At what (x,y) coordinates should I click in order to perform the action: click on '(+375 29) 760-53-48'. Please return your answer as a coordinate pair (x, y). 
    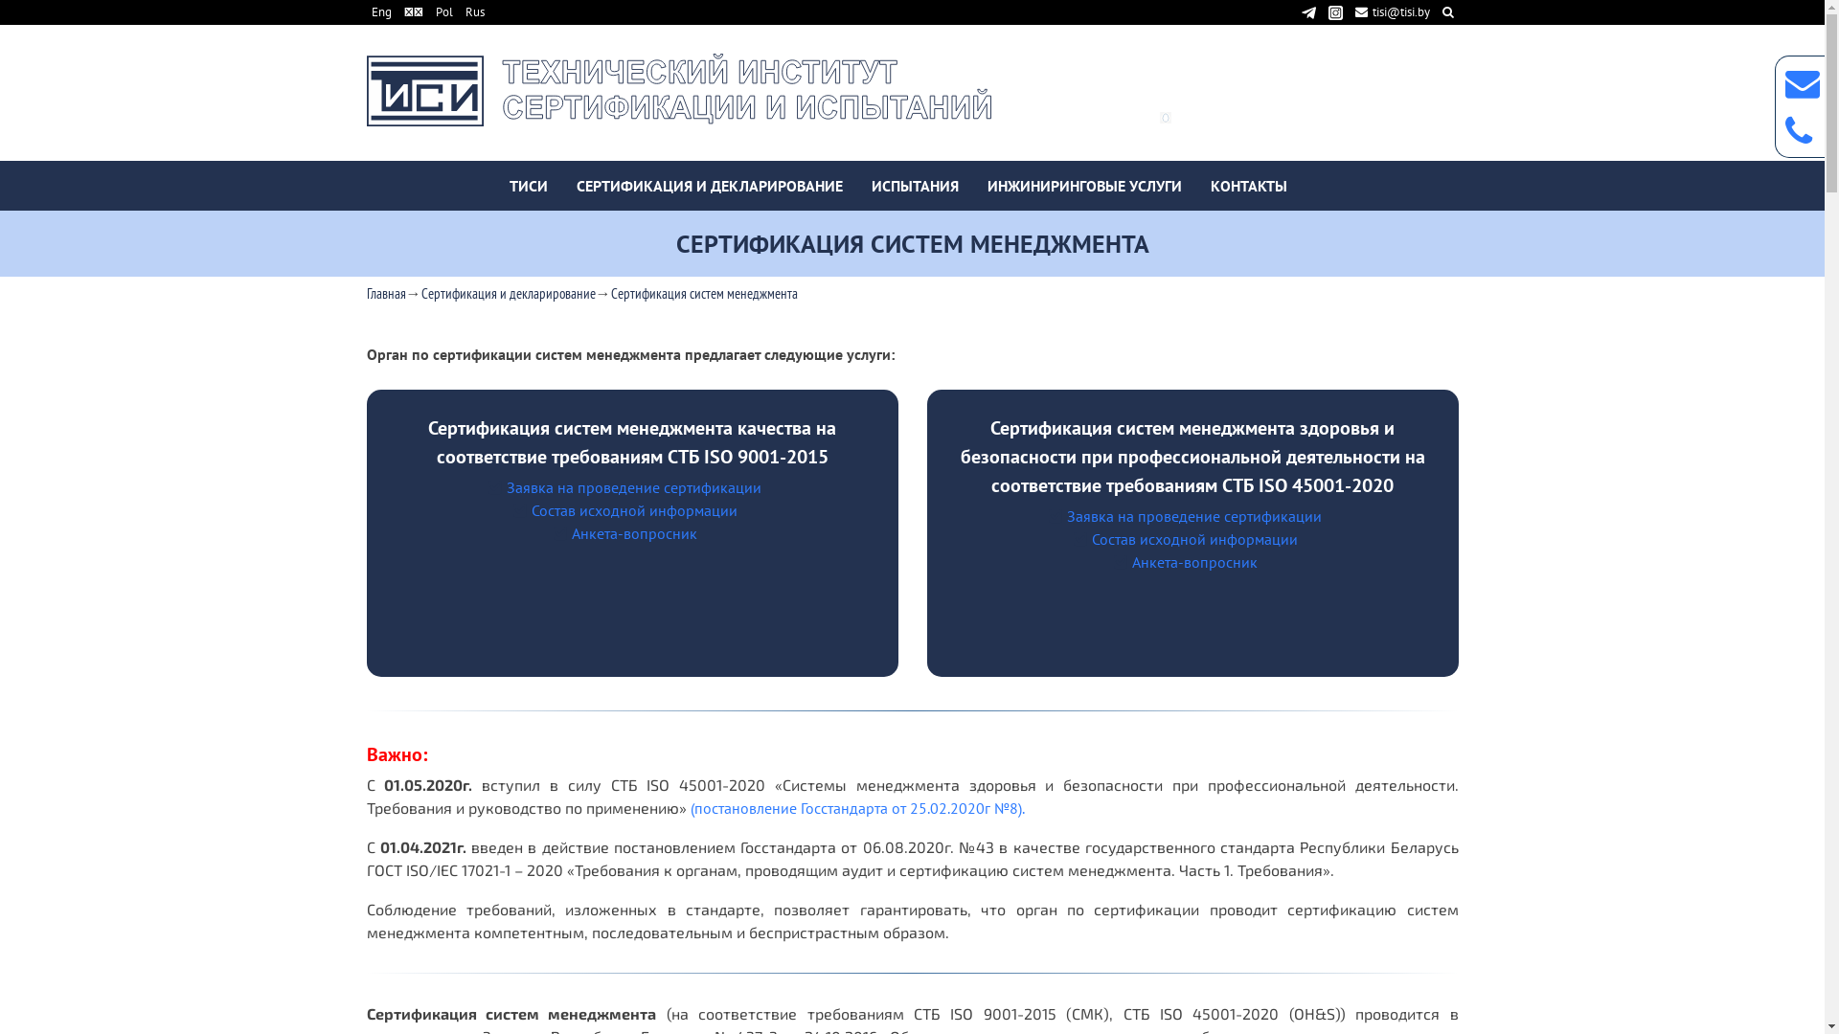
    Looking at the image, I should click on (1245, 114).